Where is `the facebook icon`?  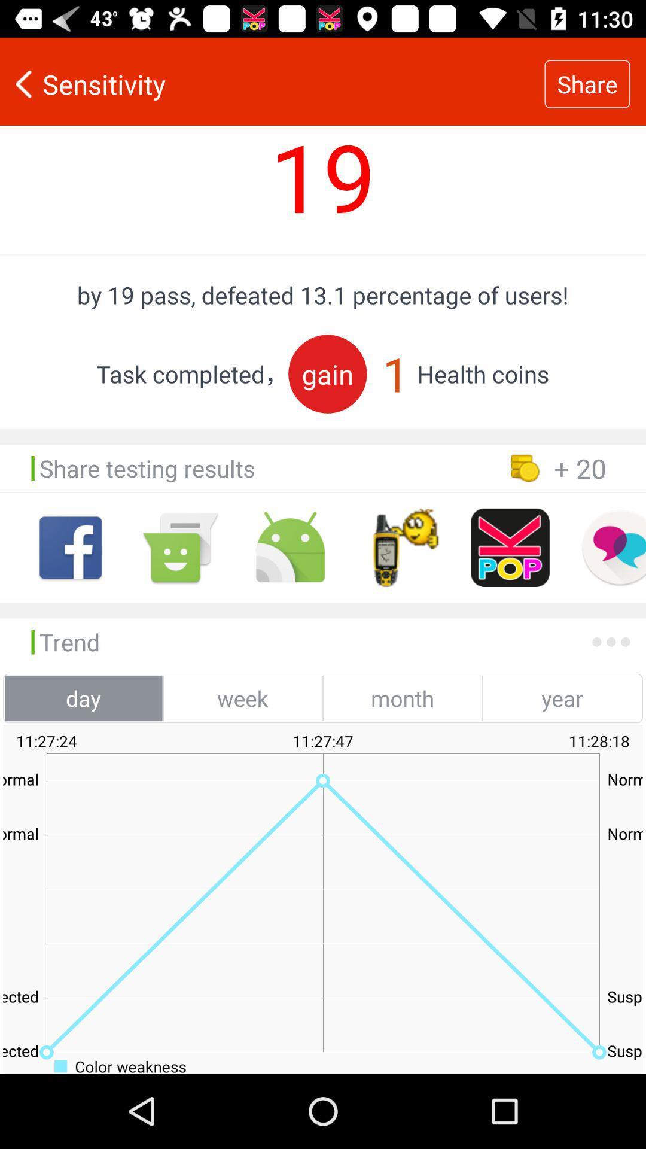 the facebook icon is located at coordinates (71, 547).